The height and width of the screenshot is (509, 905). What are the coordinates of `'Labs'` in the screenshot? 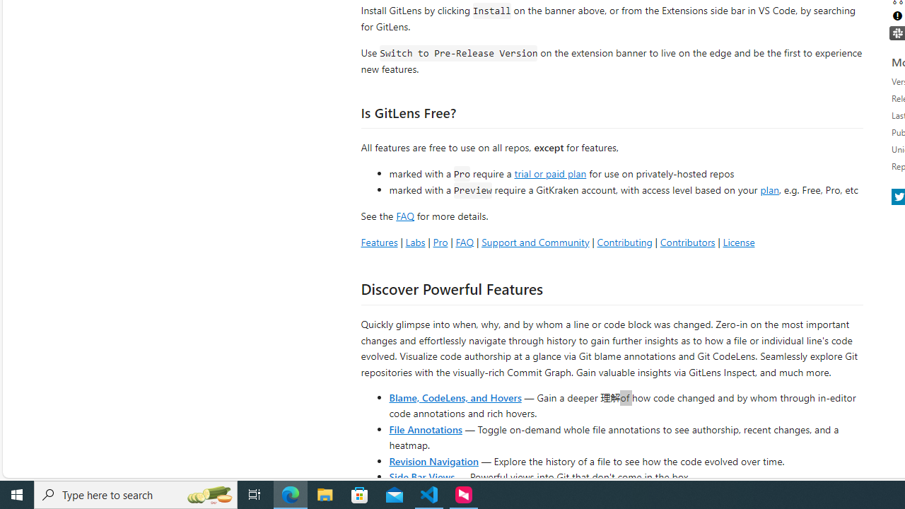 It's located at (414, 241).